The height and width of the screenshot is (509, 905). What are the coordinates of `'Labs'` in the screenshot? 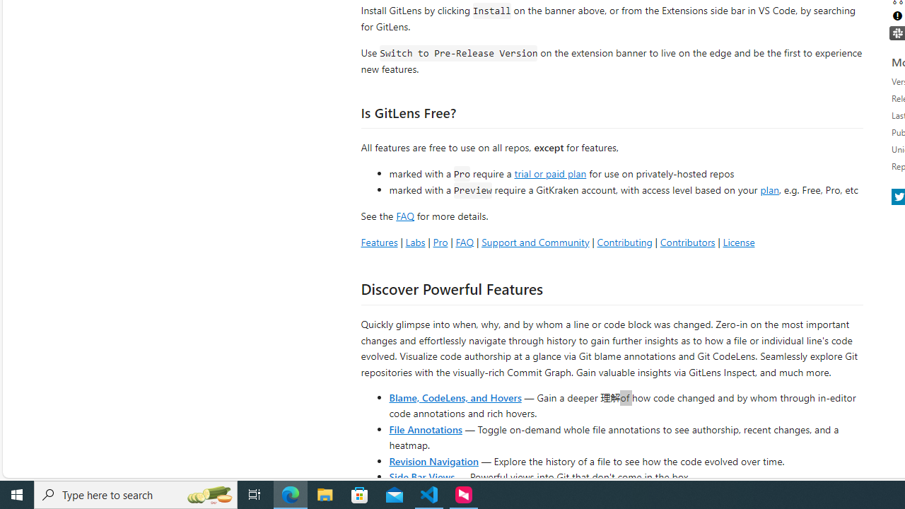 It's located at (414, 241).